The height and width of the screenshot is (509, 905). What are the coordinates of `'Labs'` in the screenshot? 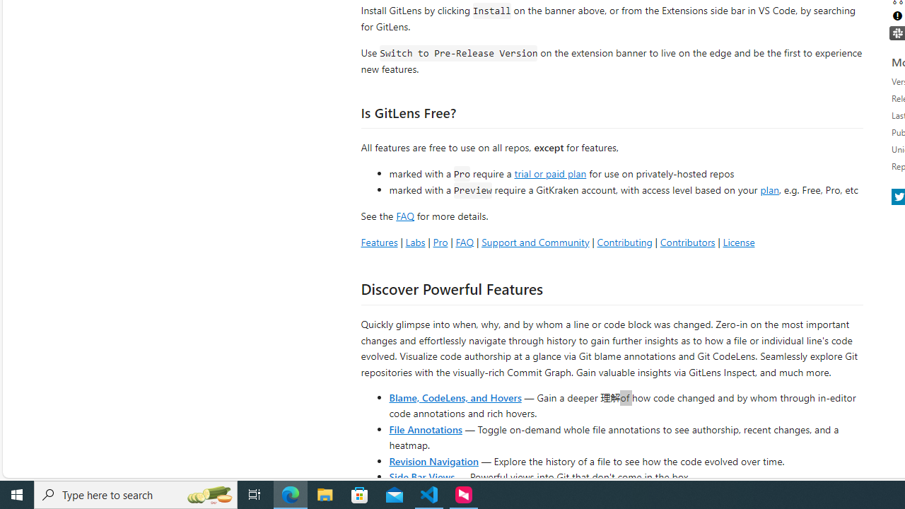 It's located at (414, 241).